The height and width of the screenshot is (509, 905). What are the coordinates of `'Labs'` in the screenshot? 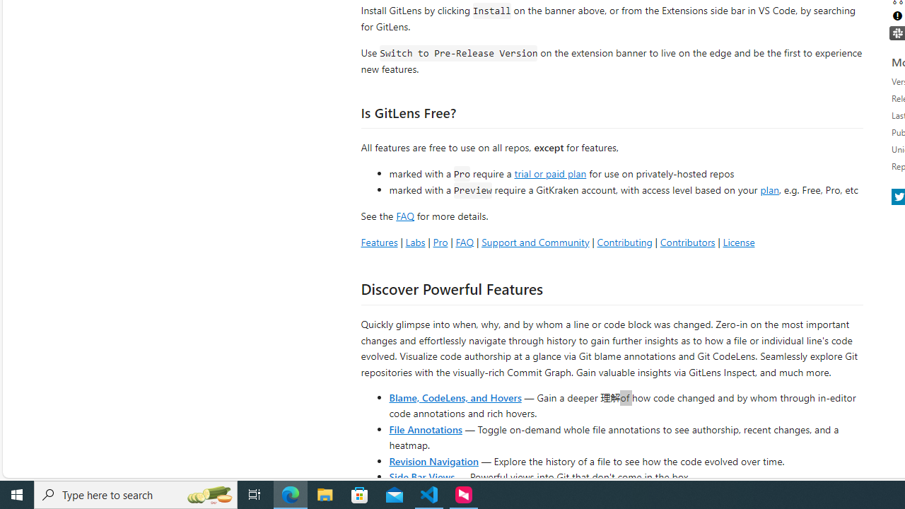 It's located at (414, 241).